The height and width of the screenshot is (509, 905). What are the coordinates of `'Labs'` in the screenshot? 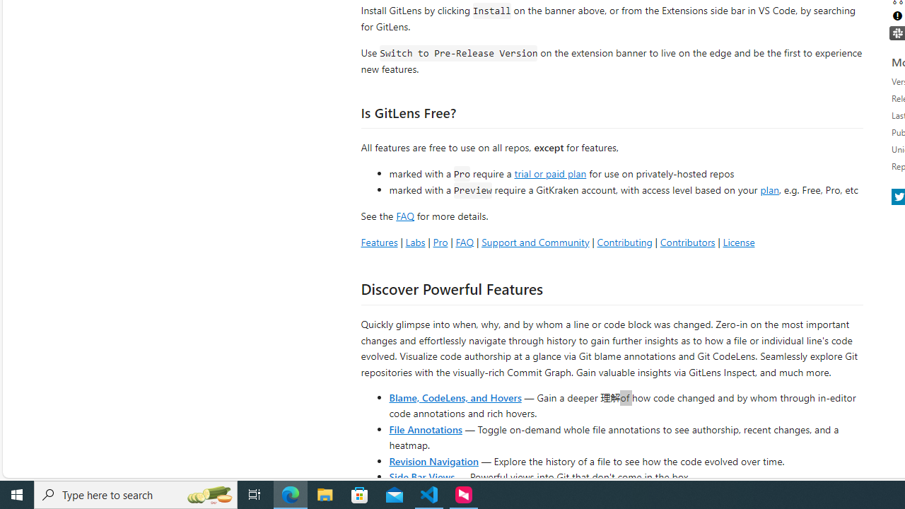 It's located at (414, 241).